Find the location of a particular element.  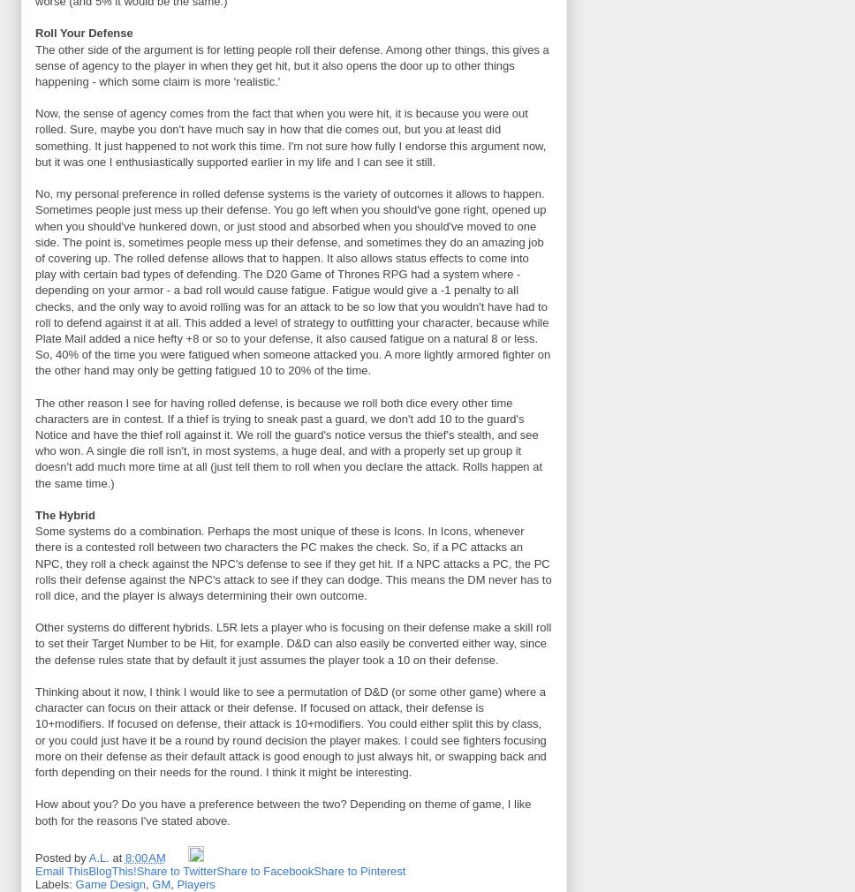

'The Hybrid' is located at coordinates (64, 513).